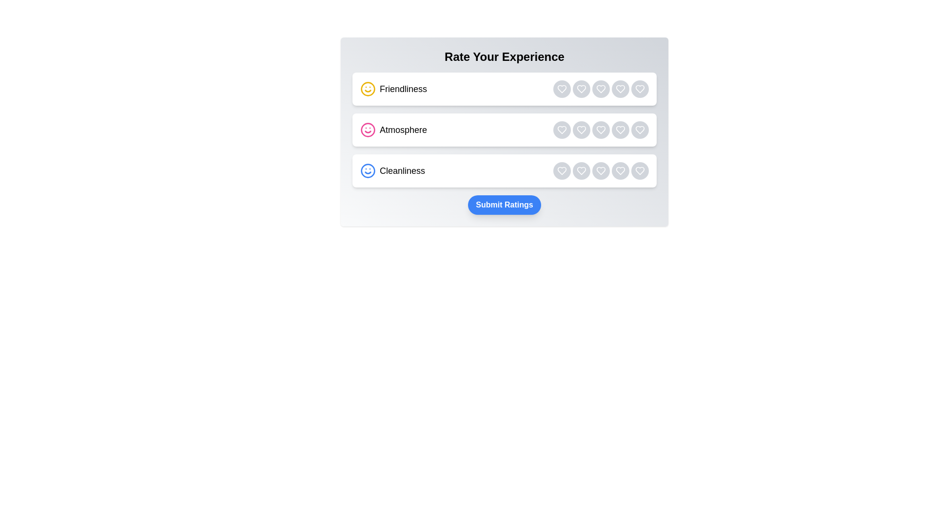 This screenshot has height=526, width=936. What do you see at coordinates (601, 129) in the screenshot?
I see `the rating button for category Atmosphere with rating 3` at bounding box center [601, 129].